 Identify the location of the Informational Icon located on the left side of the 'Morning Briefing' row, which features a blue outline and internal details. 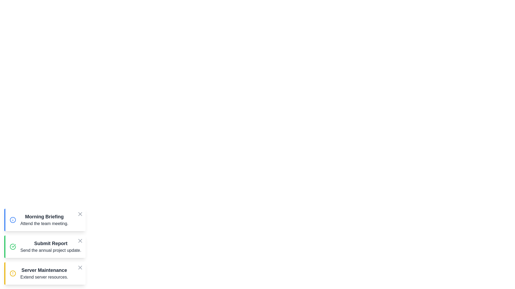
(13, 220).